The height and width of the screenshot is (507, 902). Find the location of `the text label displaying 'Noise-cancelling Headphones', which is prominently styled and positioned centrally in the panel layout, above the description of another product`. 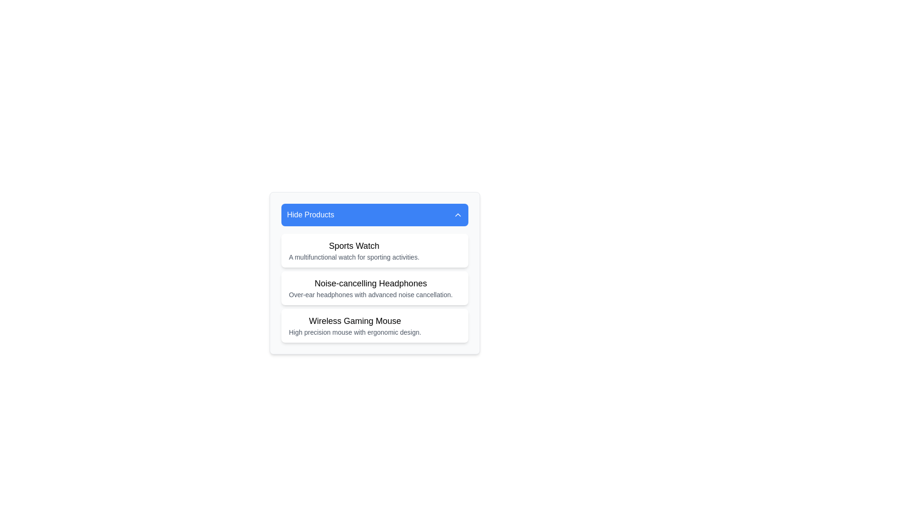

the text label displaying 'Noise-cancelling Headphones', which is prominently styled and positioned centrally in the panel layout, above the description of another product is located at coordinates (370, 283).